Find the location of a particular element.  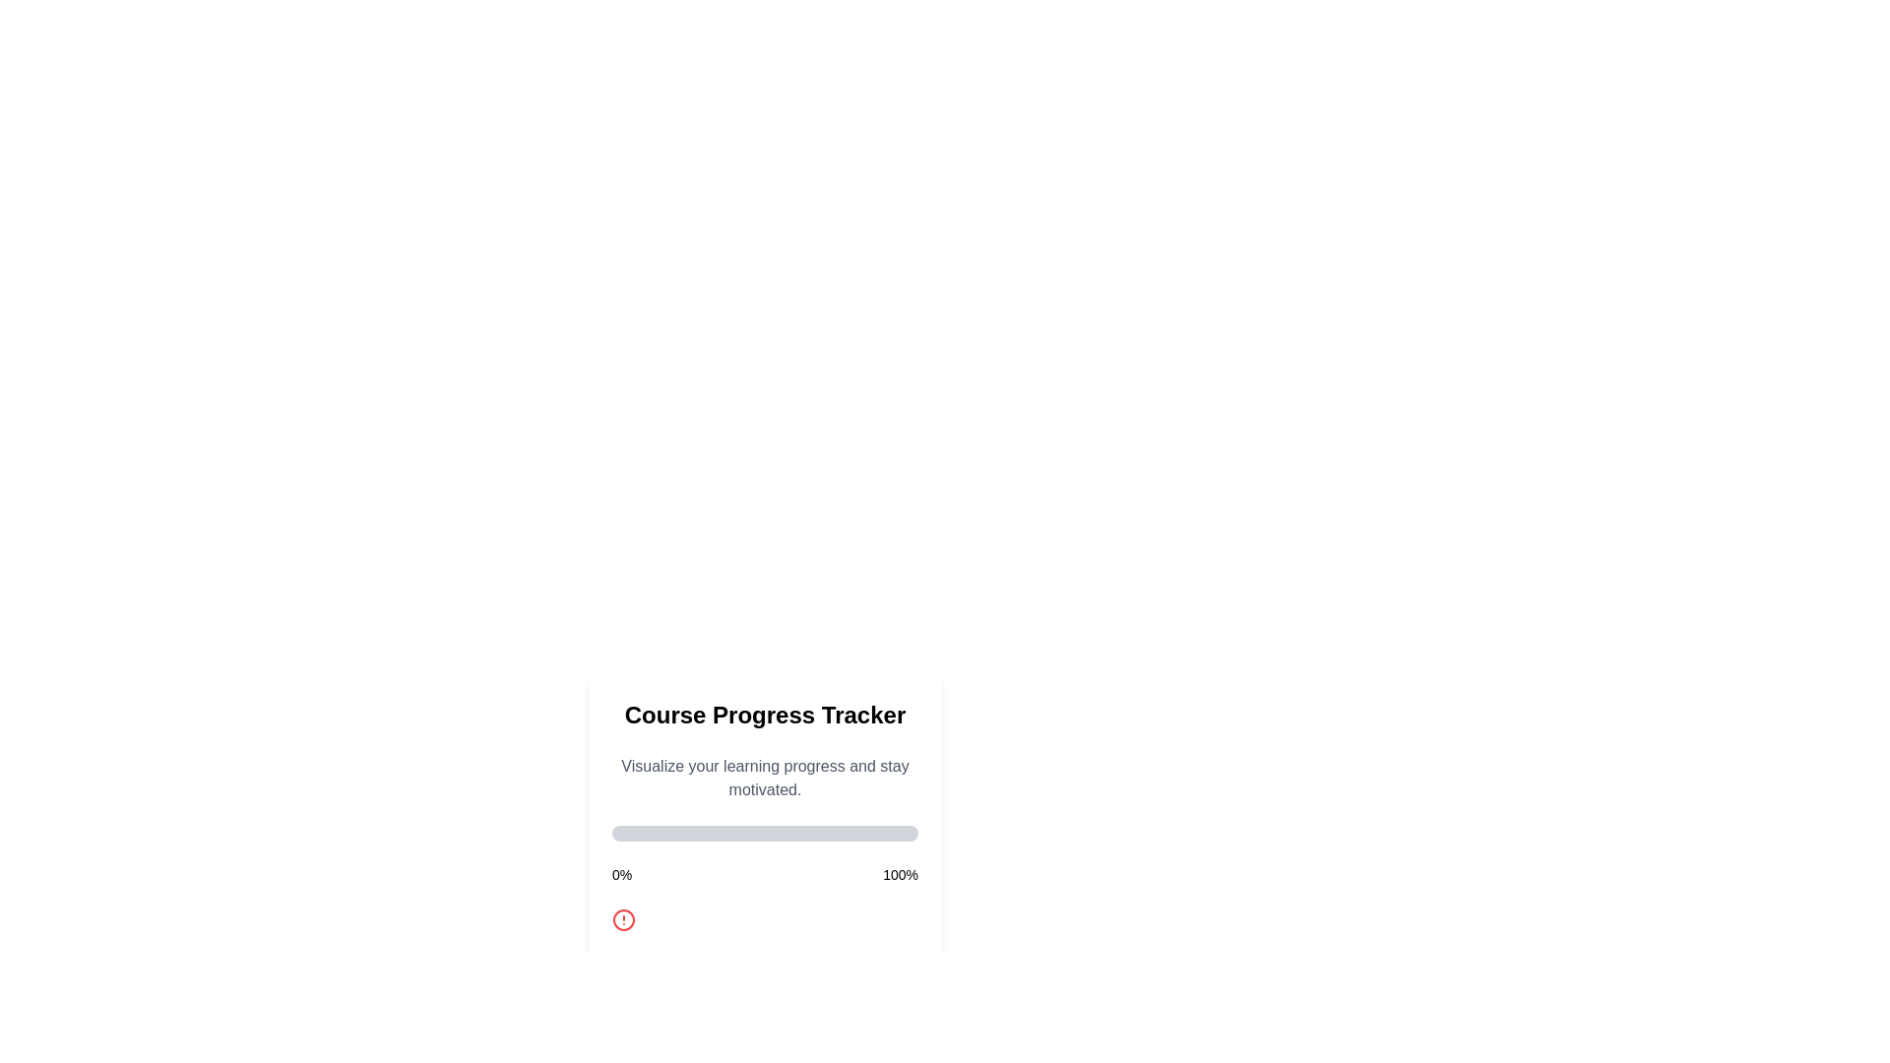

the central circular part of the alert icon located in the 'Course Progress Tracker' section, below the progress bar and between the labels for 0% and 100% is located at coordinates (622, 919).